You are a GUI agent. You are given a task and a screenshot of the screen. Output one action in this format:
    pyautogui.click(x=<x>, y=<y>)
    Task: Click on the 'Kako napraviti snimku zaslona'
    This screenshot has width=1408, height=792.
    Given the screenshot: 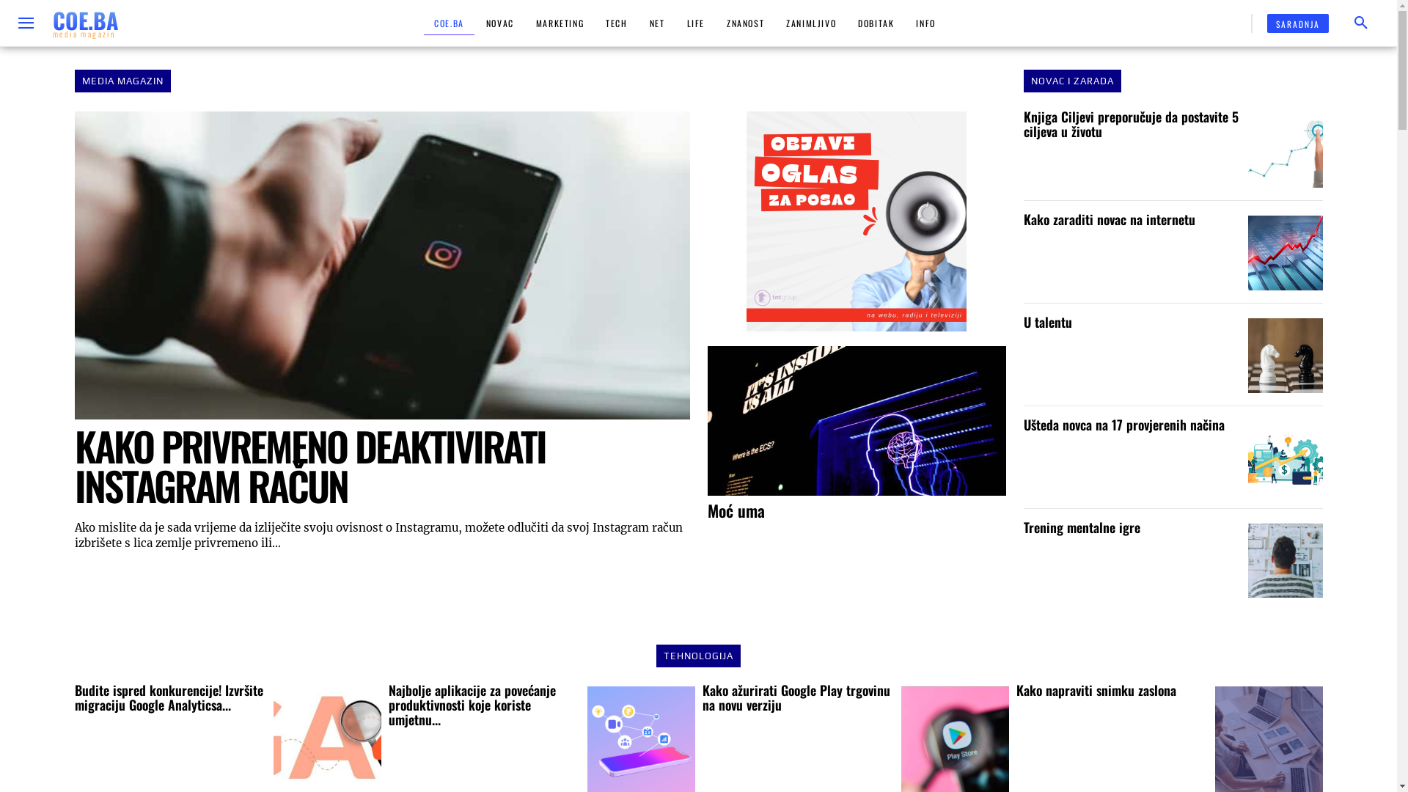 What is the action you would take?
    pyautogui.click(x=1096, y=690)
    